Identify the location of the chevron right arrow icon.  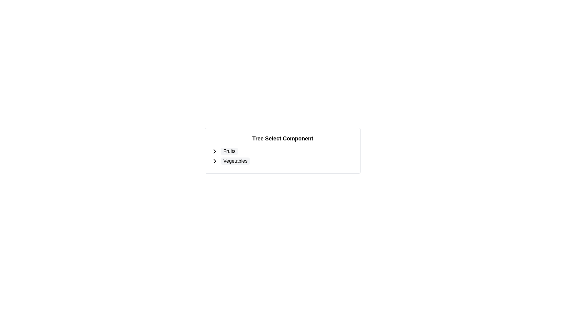
(215, 161).